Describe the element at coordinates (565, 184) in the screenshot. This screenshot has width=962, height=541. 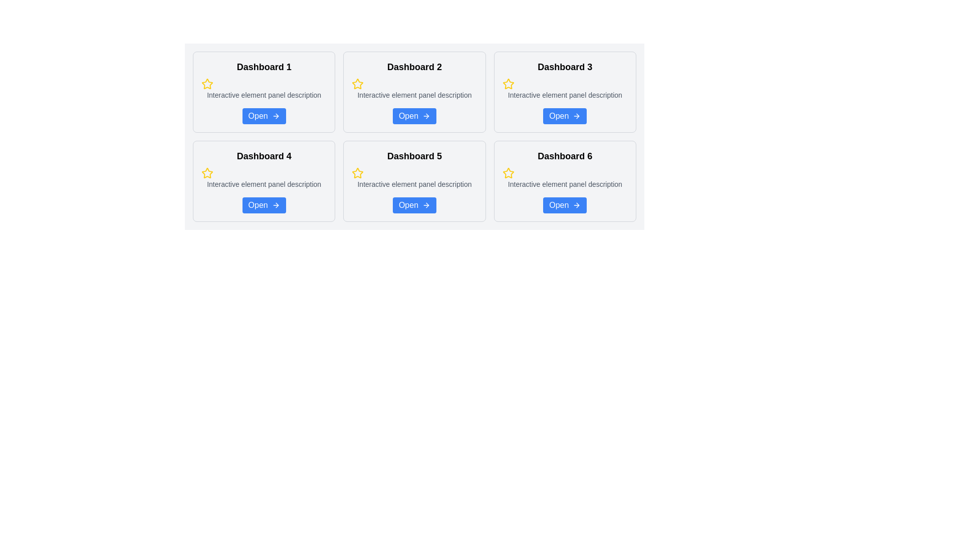
I see `the text label displaying 'Interactive element panel description' located in the dashboard card titled 'Dashboard 6', positioned centrally in the bottom row of a 3x2 grid layout` at that location.